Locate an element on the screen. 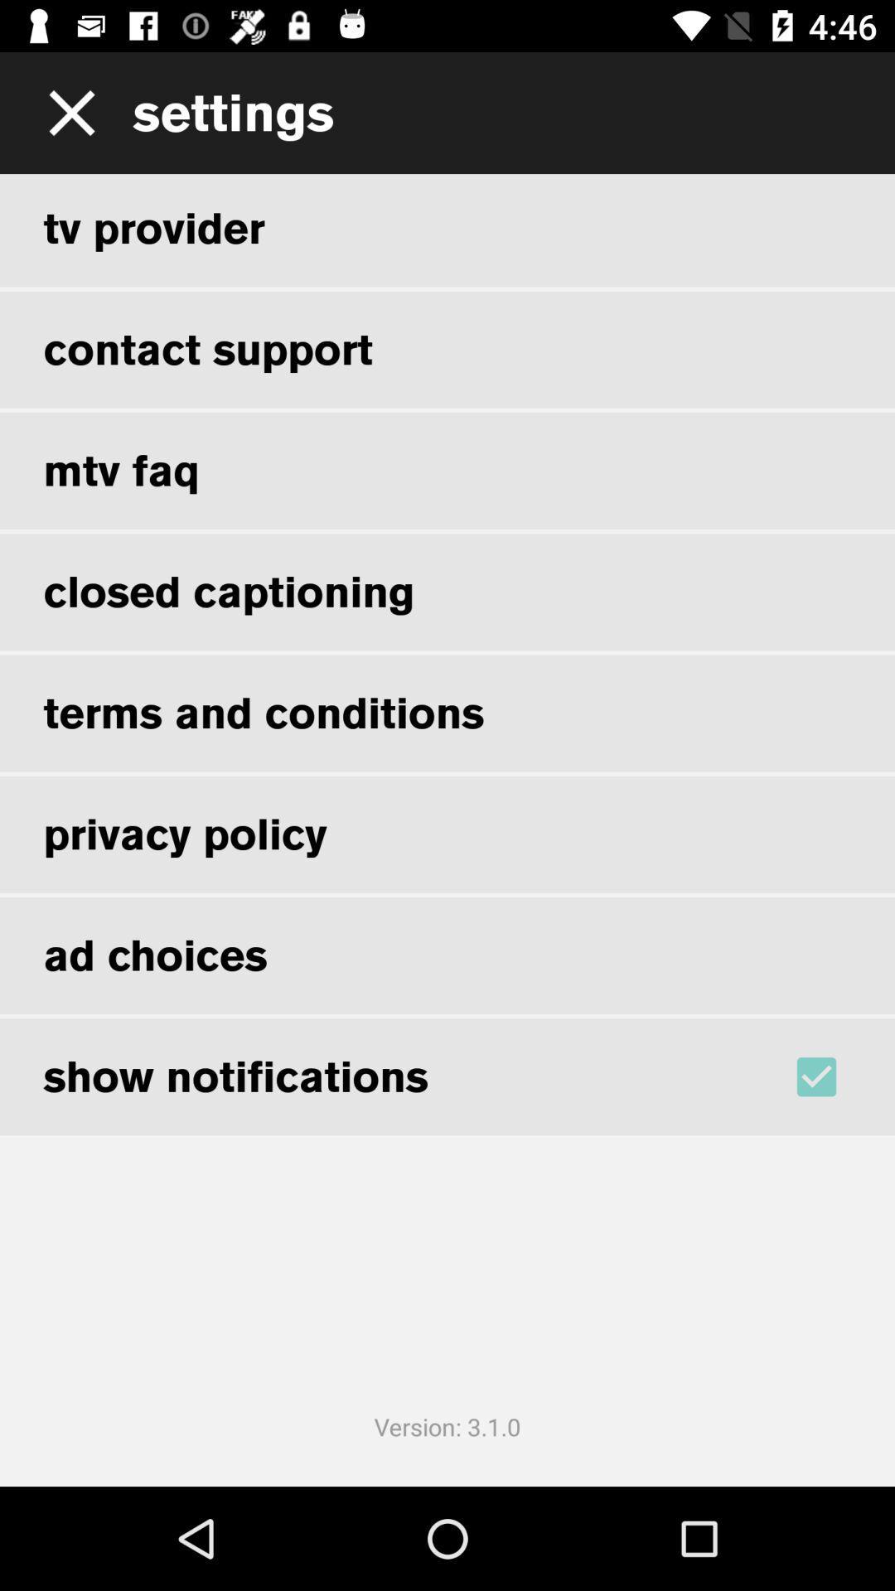 The image size is (895, 1591). the icon to the left of settings is located at coordinates (65, 112).